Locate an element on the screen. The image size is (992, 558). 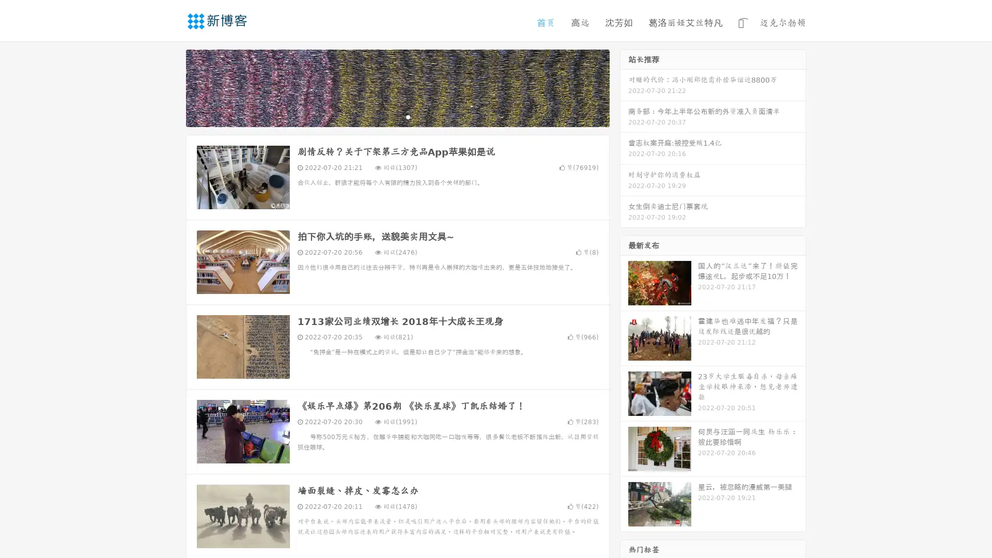
Go to slide 2 is located at coordinates (397, 116).